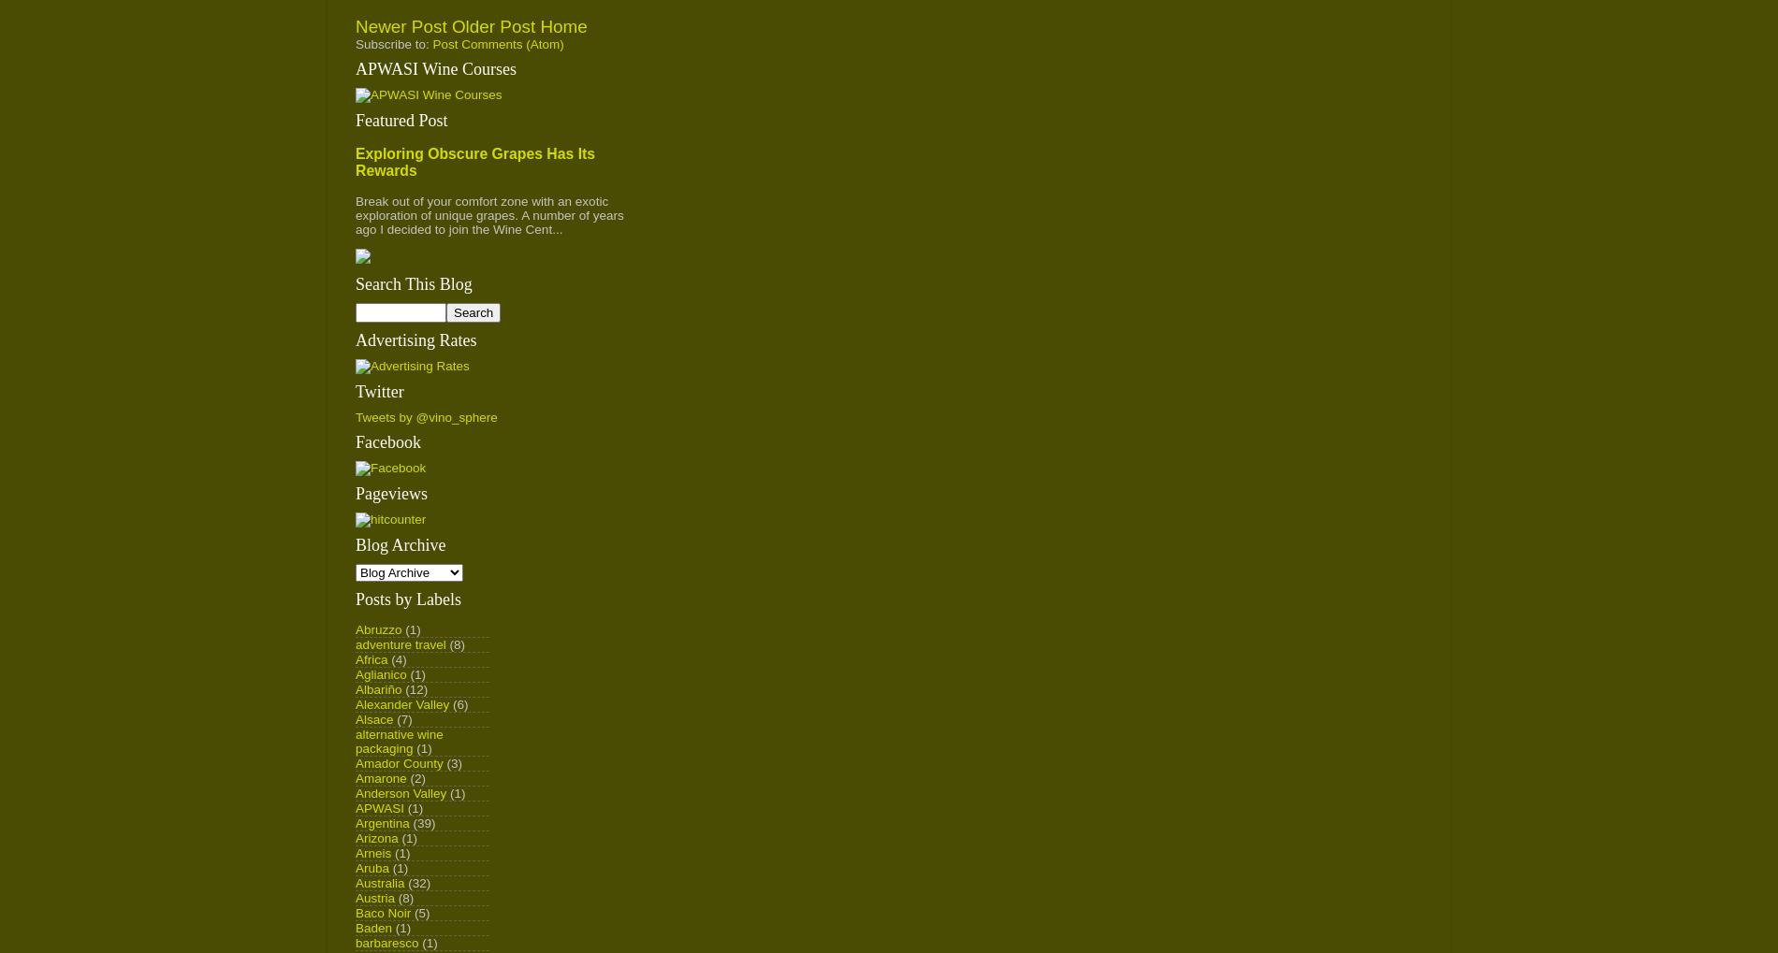 The width and height of the screenshot is (1778, 953). What do you see at coordinates (370, 658) in the screenshot?
I see `'Africa'` at bounding box center [370, 658].